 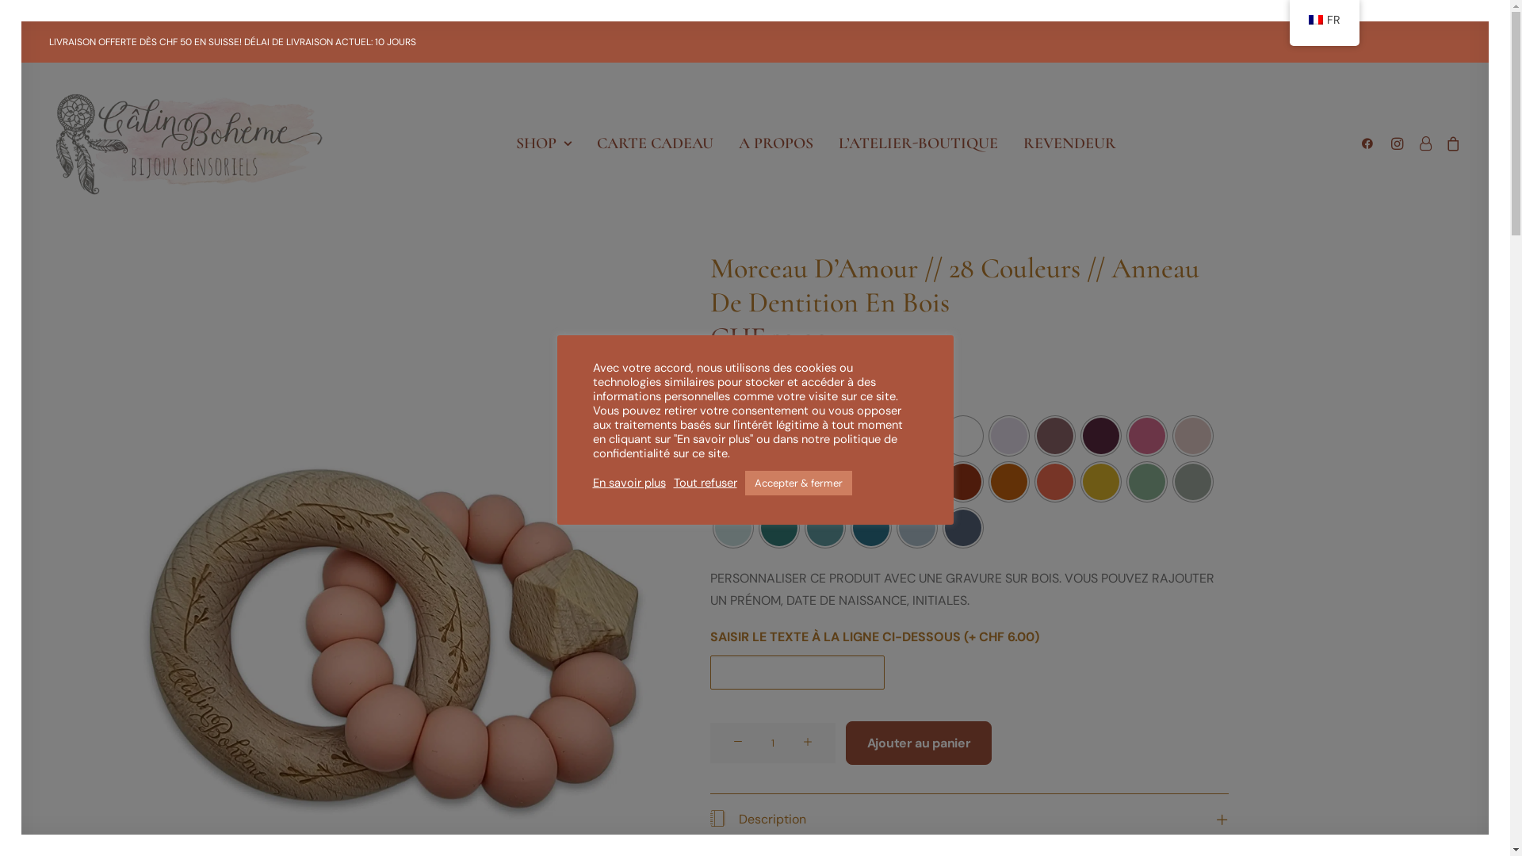 I want to click on 'Description', so click(x=969, y=819).